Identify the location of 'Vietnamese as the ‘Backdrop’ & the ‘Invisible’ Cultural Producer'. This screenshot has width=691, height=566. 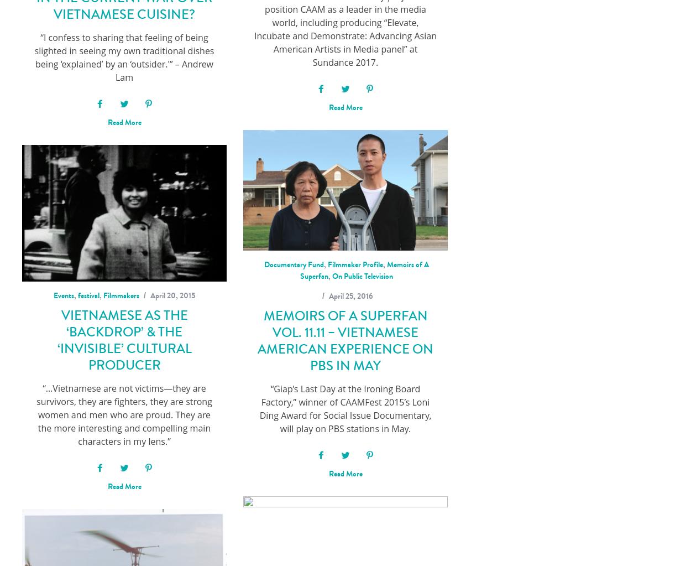
(123, 340).